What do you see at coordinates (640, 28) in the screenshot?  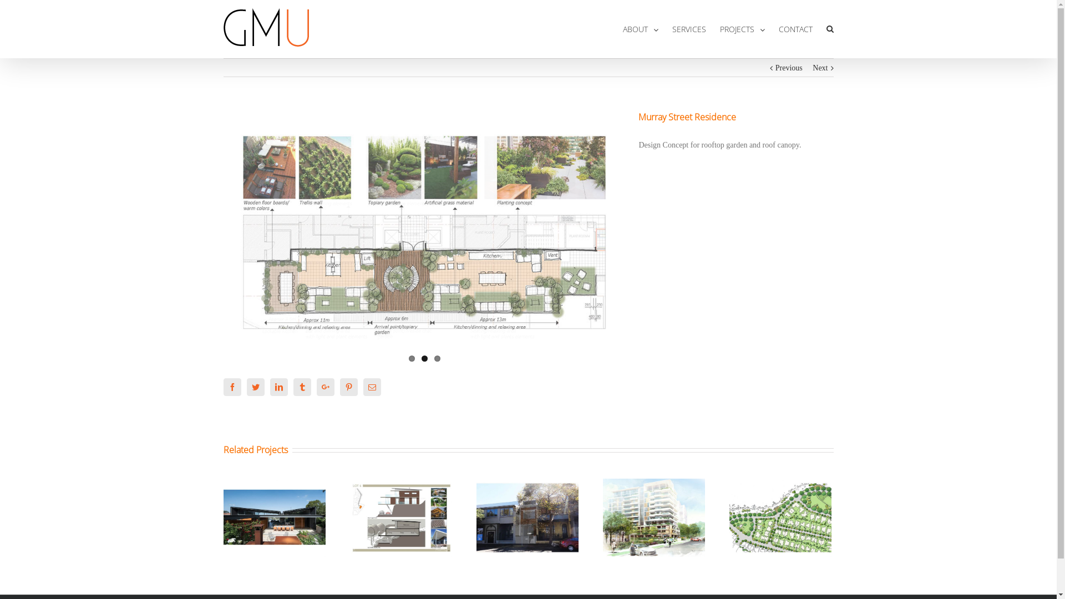 I see `'ABOUT'` at bounding box center [640, 28].